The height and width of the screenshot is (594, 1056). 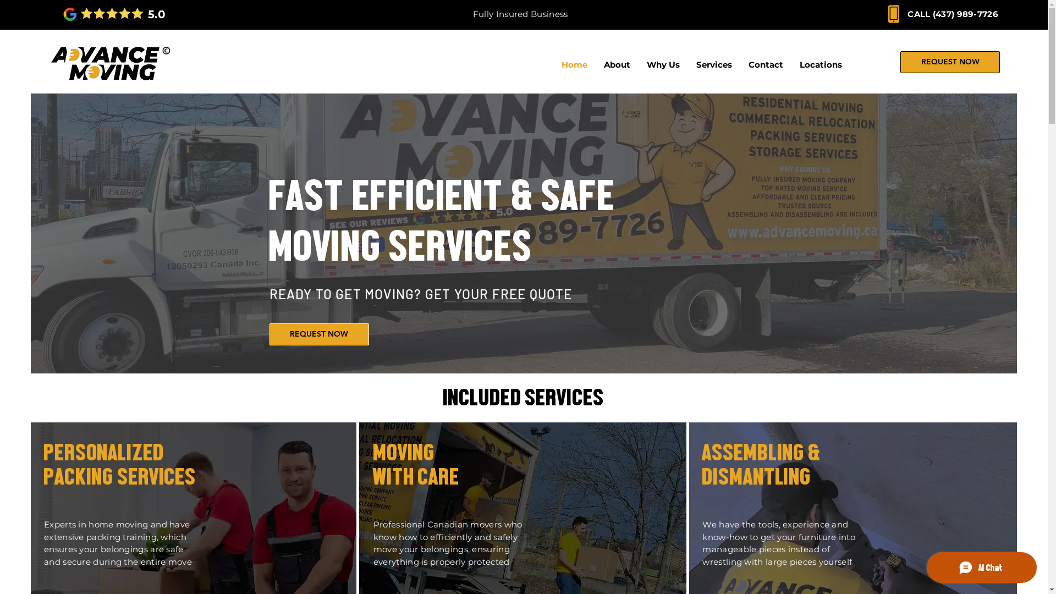 What do you see at coordinates (900, 62) in the screenshot?
I see `'REQUEST NOW'` at bounding box center [900, 62].